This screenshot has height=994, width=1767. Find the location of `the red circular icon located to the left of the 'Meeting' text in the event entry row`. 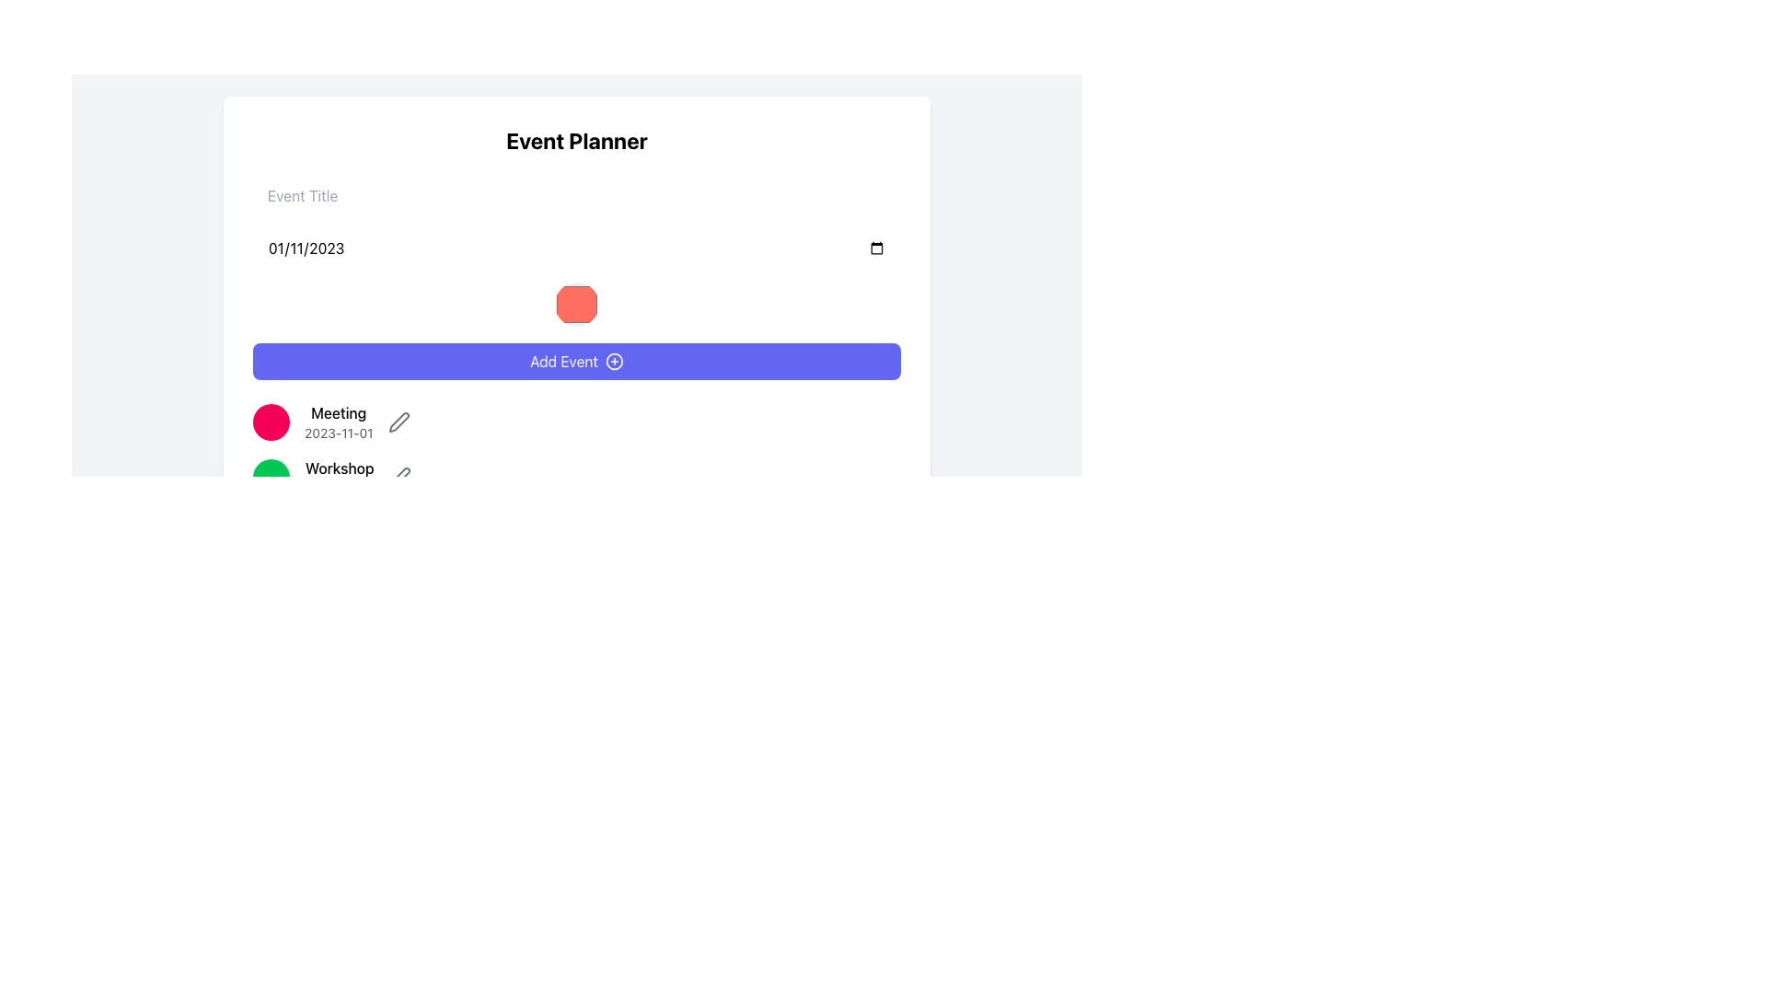

the red circular icon located to the left of the 'Meeting' text in the event entry row is located at coordinates (270, 422).